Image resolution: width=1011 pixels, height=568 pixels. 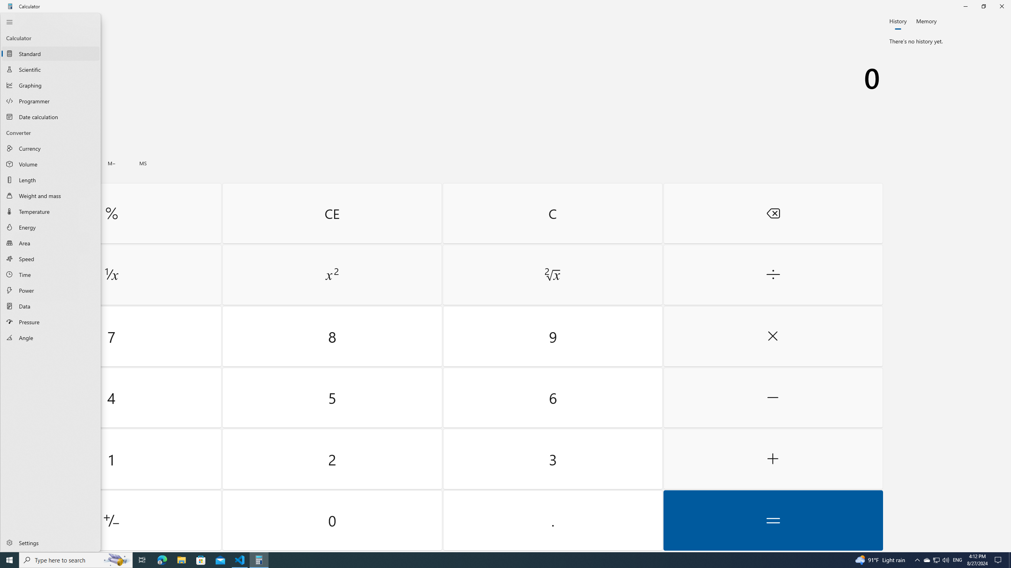 I want to click on 'Reciprocal', so click(x=111, y=275).